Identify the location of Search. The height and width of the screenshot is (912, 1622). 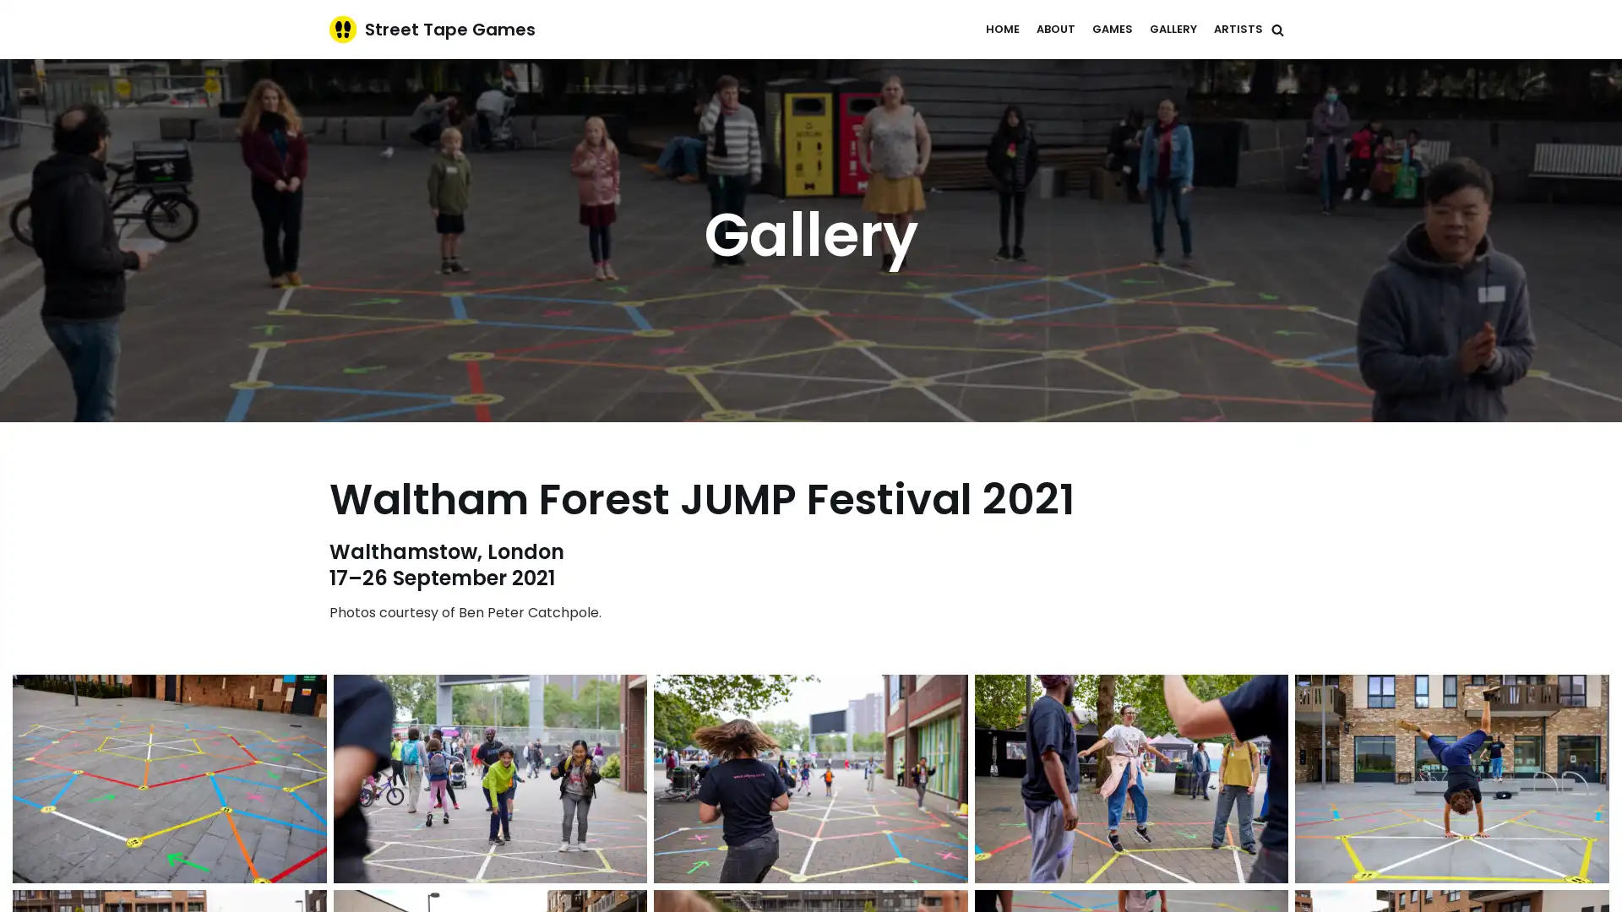
(1277, 30).